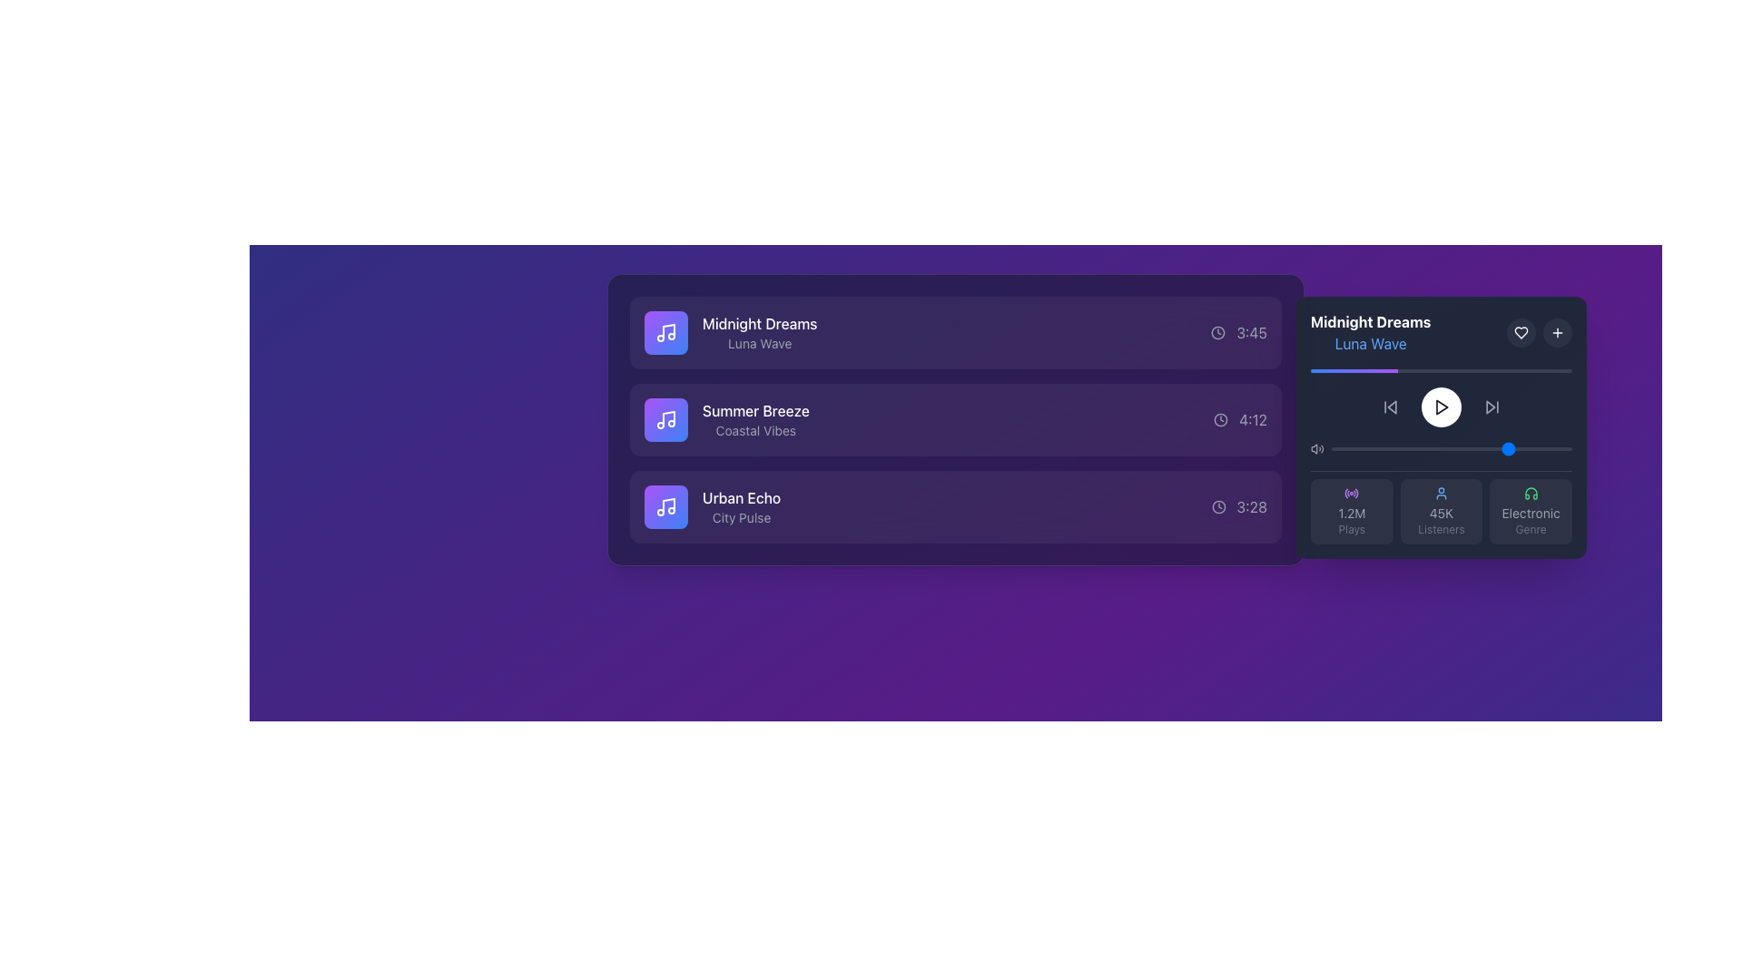 The image size is (1743, 980). What do you see at coordinates (1441, 406) in the screenshot?
I see `the play/pause button located in the playback control section of the audio player interface` at bounding box center [1441, 406].